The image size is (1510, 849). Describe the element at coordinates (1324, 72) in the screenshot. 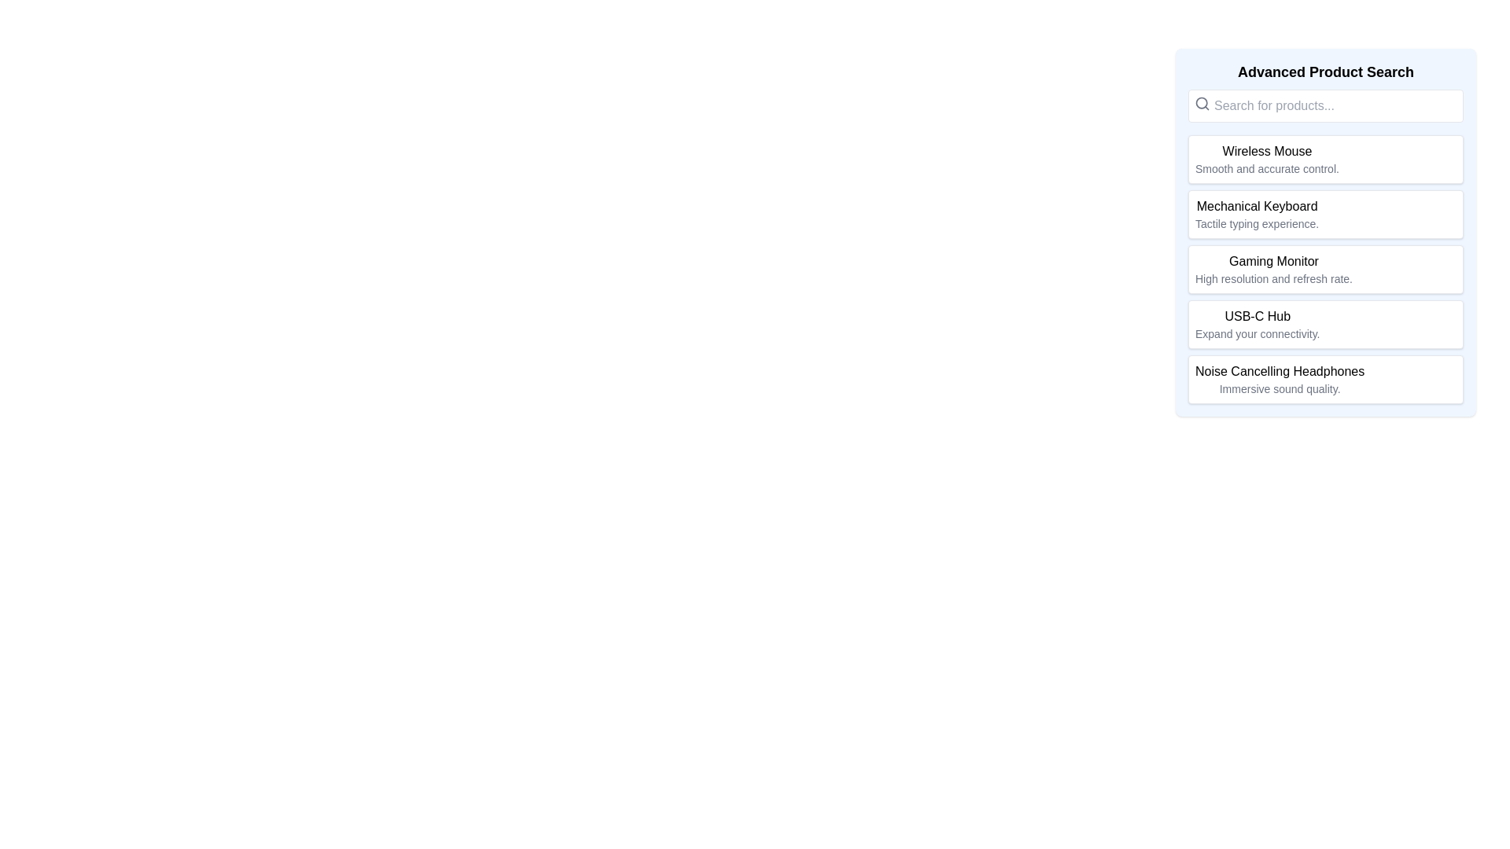

I see `the bold text label displaying 'Advanced Product Search' located at the top of the search section` at that location.